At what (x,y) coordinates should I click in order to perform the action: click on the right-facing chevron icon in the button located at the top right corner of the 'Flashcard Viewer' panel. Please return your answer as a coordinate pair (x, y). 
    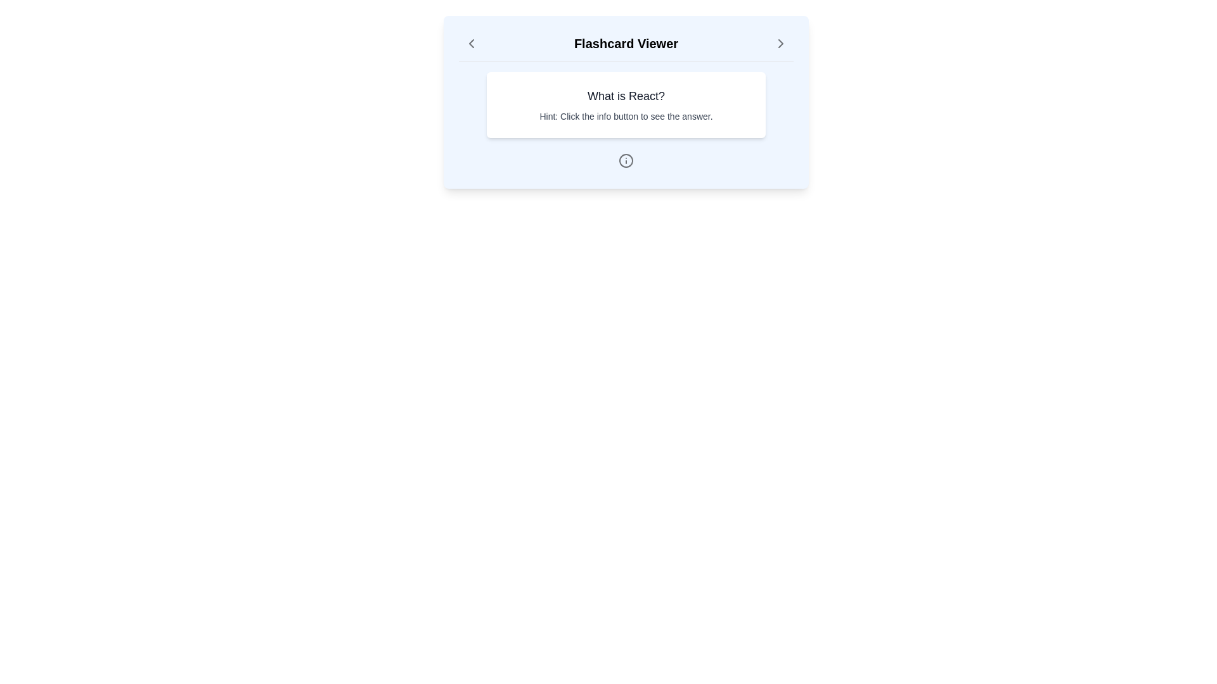
    Looking at the image, I should click on (780, 43).